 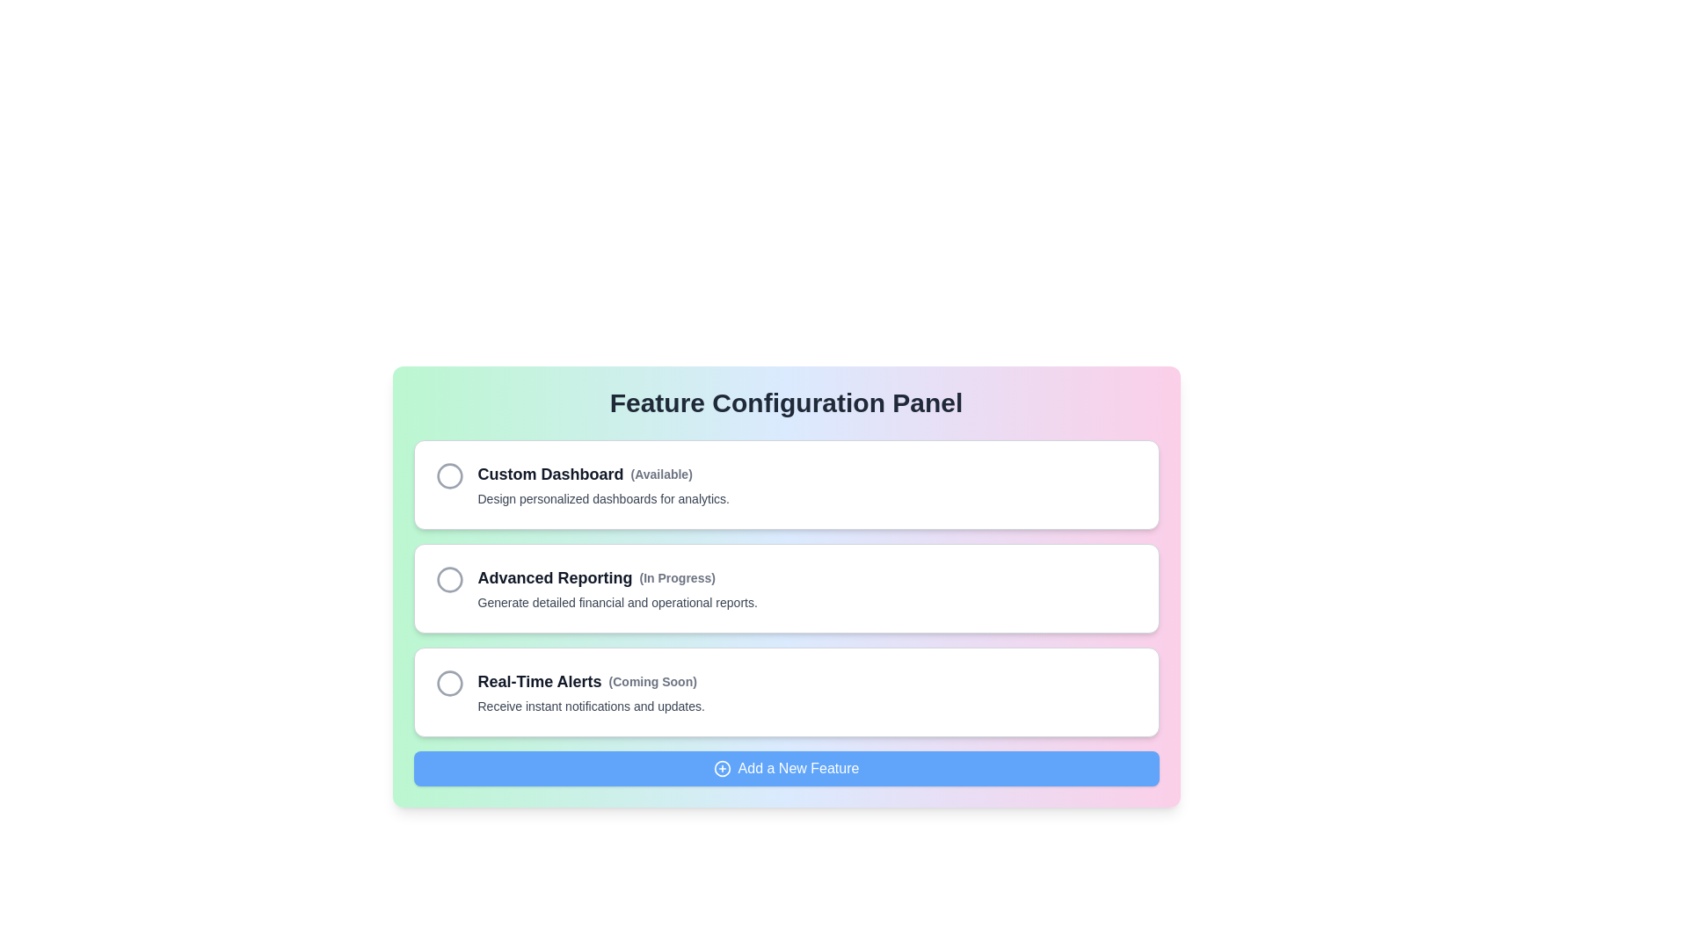 What do you see at coordinates (449, 579) in the screenshot?
I see `the interactive circular icon on the leftmost side of the 'Advanced Reporting' entry` at bounding box center [449, 579].